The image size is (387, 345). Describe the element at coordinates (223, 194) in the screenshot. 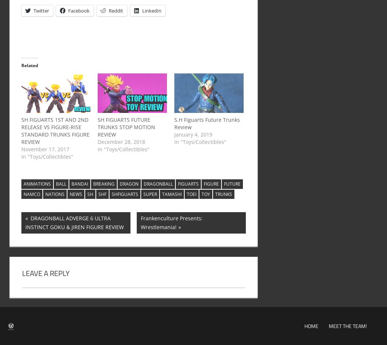

I see `'trunks'` at that location.